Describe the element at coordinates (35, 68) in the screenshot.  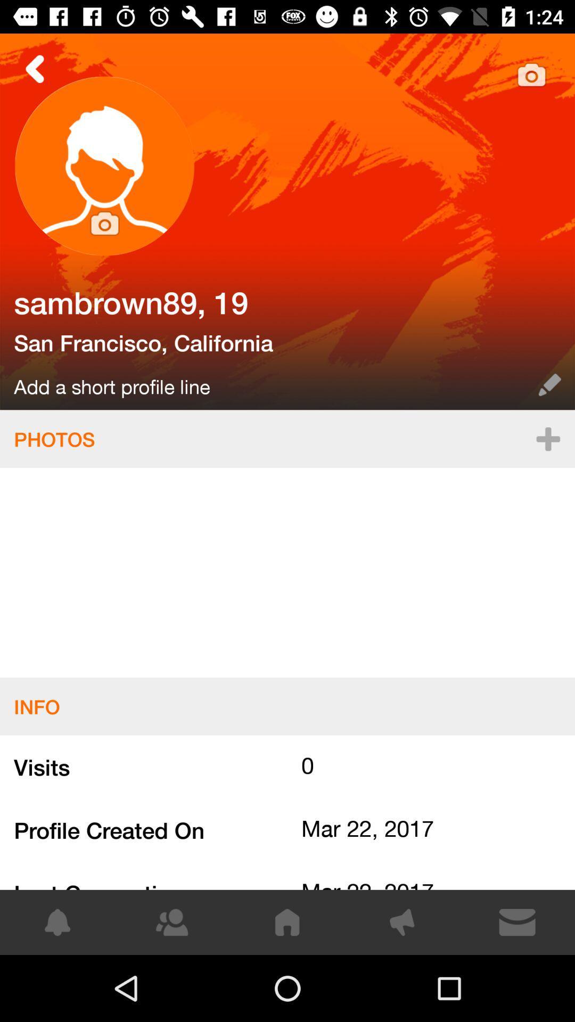
I see `the arrow_backward icon` at that location.